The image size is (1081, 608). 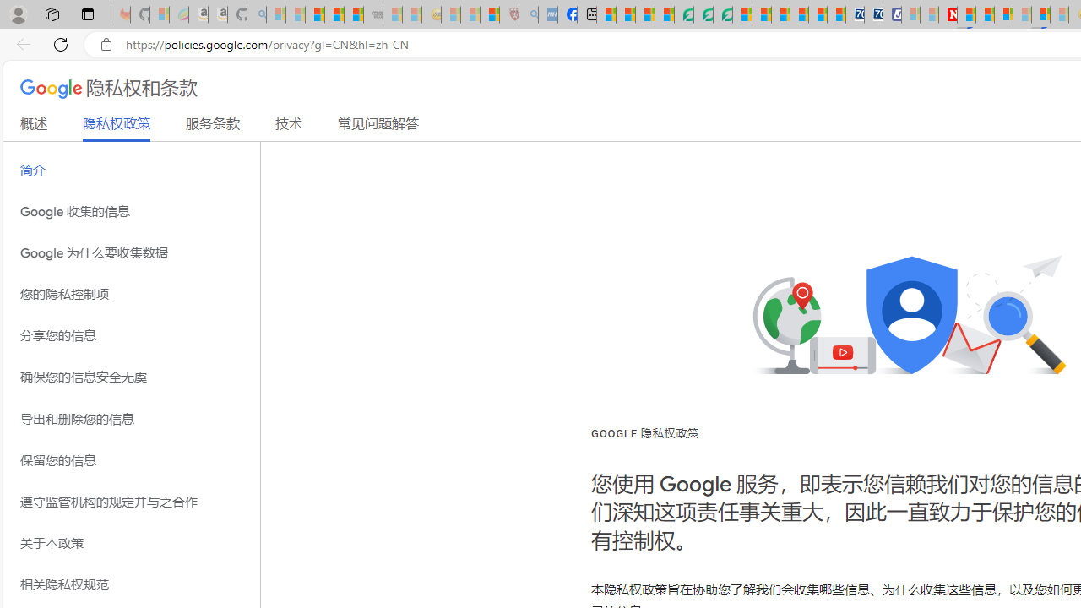 What do you see at coordinates (873, 14) in the screenshot?
I see `'Cheap Hotels - Save70.com'` at bounding box center [873, 14].